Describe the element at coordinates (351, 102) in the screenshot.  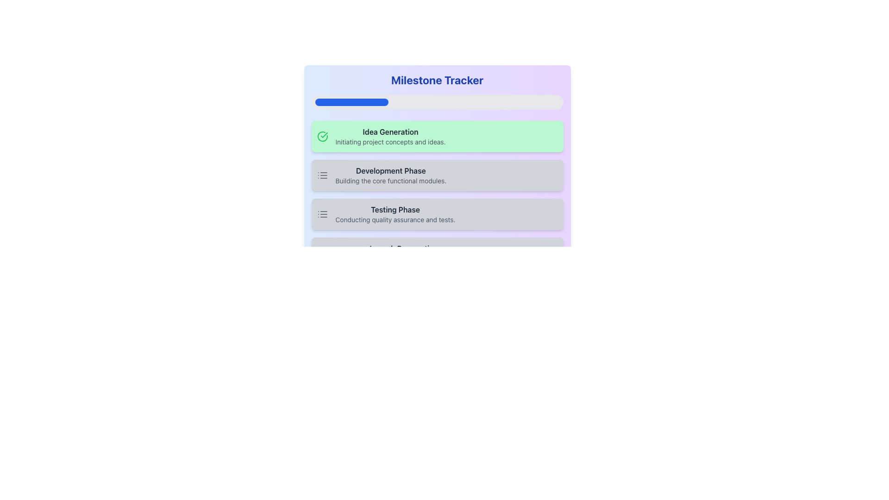
I see `the progress bar located below the title 'Milestone Tracker', which visually represents a completion percentage of 30%` at that location.